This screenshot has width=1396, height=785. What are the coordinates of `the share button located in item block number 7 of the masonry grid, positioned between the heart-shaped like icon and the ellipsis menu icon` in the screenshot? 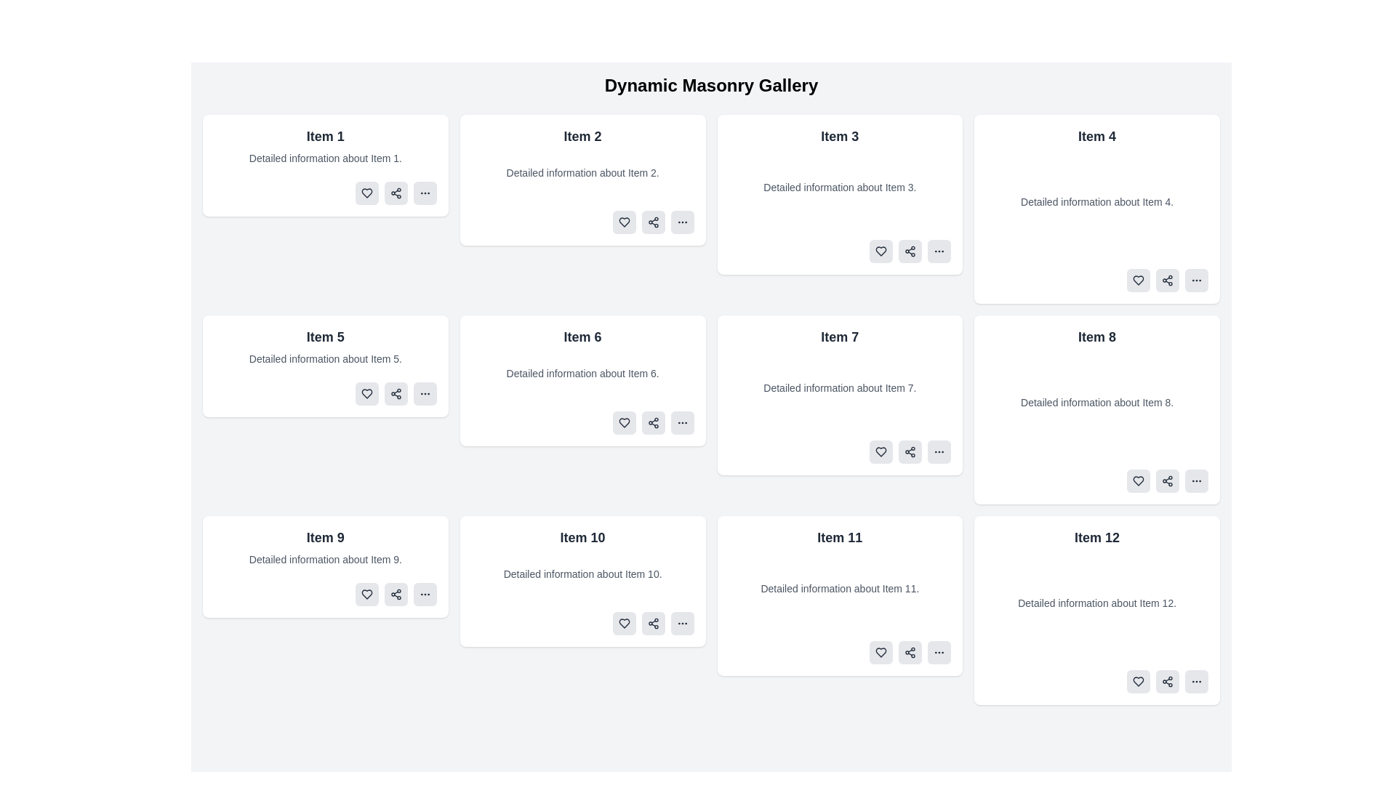 It's located at (910, 451).